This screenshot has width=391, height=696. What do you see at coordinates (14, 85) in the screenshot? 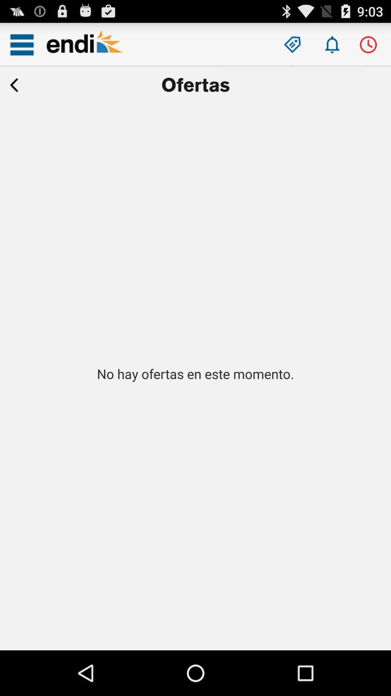
I see `previous` at bounding box center [14, 85].